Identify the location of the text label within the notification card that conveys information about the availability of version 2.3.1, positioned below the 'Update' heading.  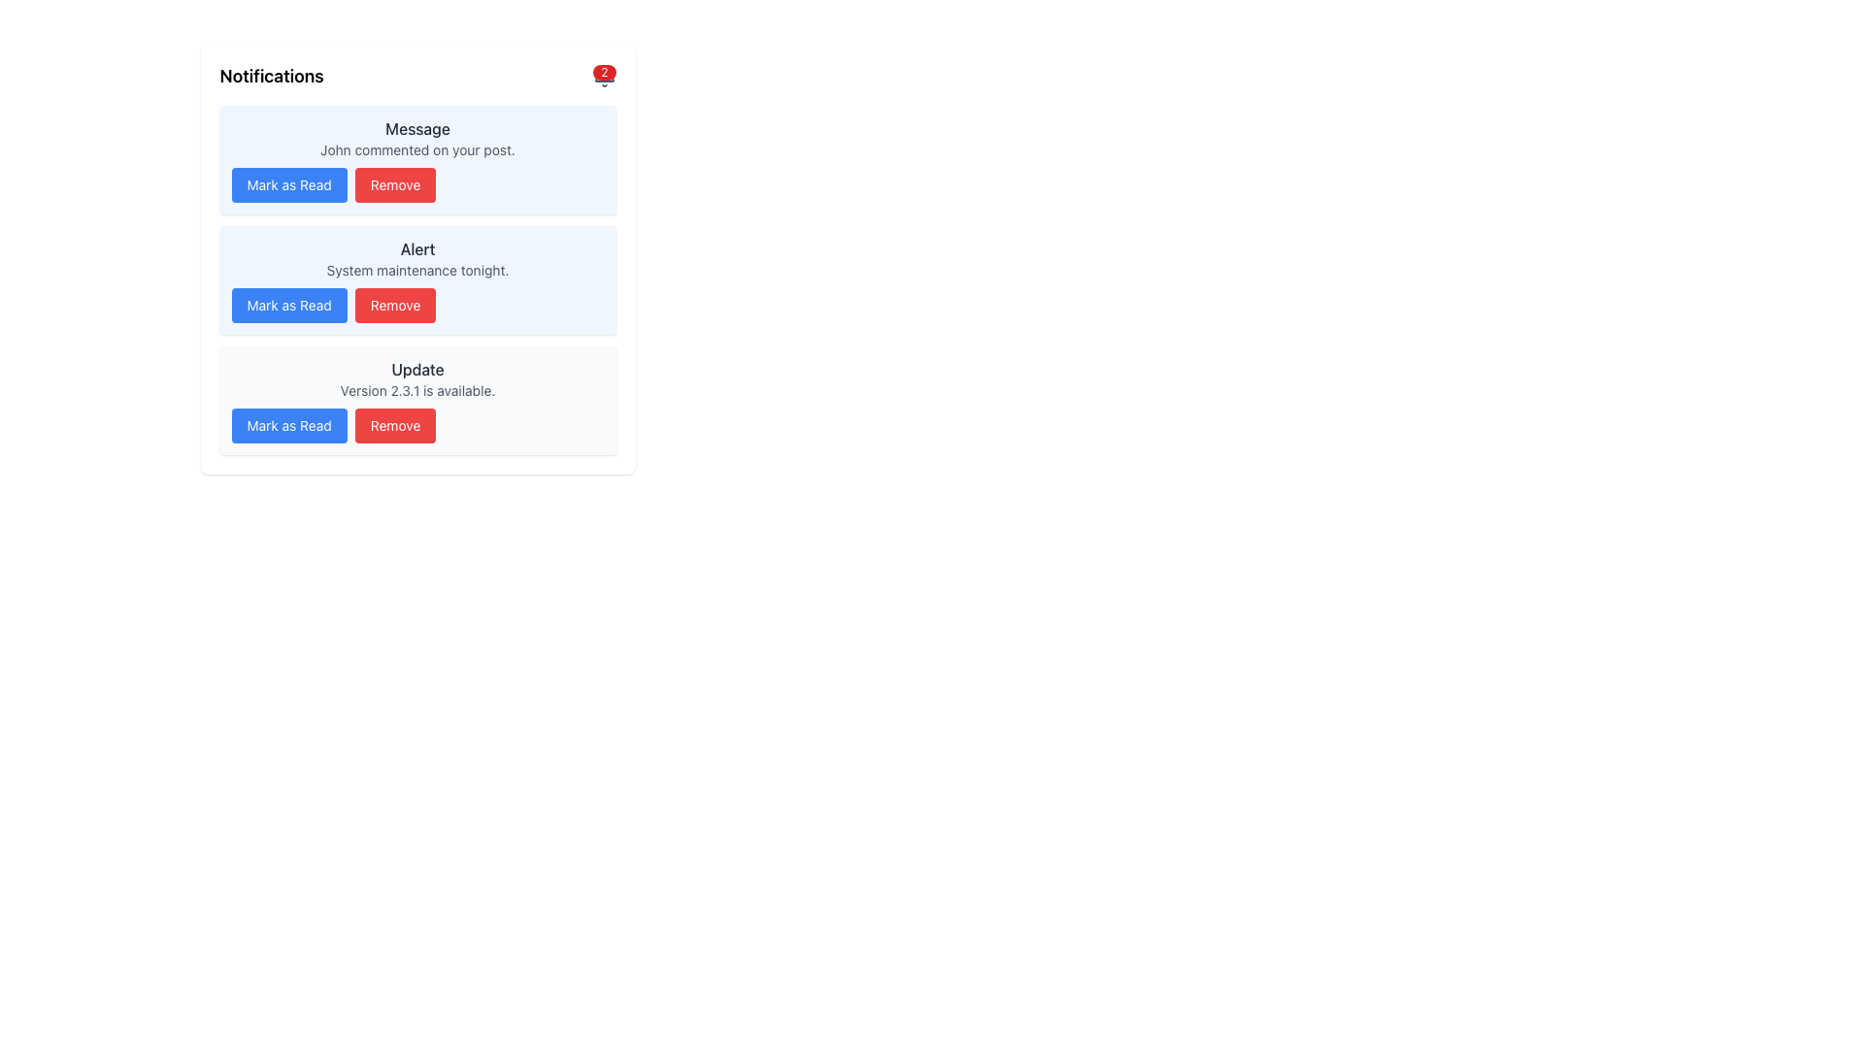
(416, 390).